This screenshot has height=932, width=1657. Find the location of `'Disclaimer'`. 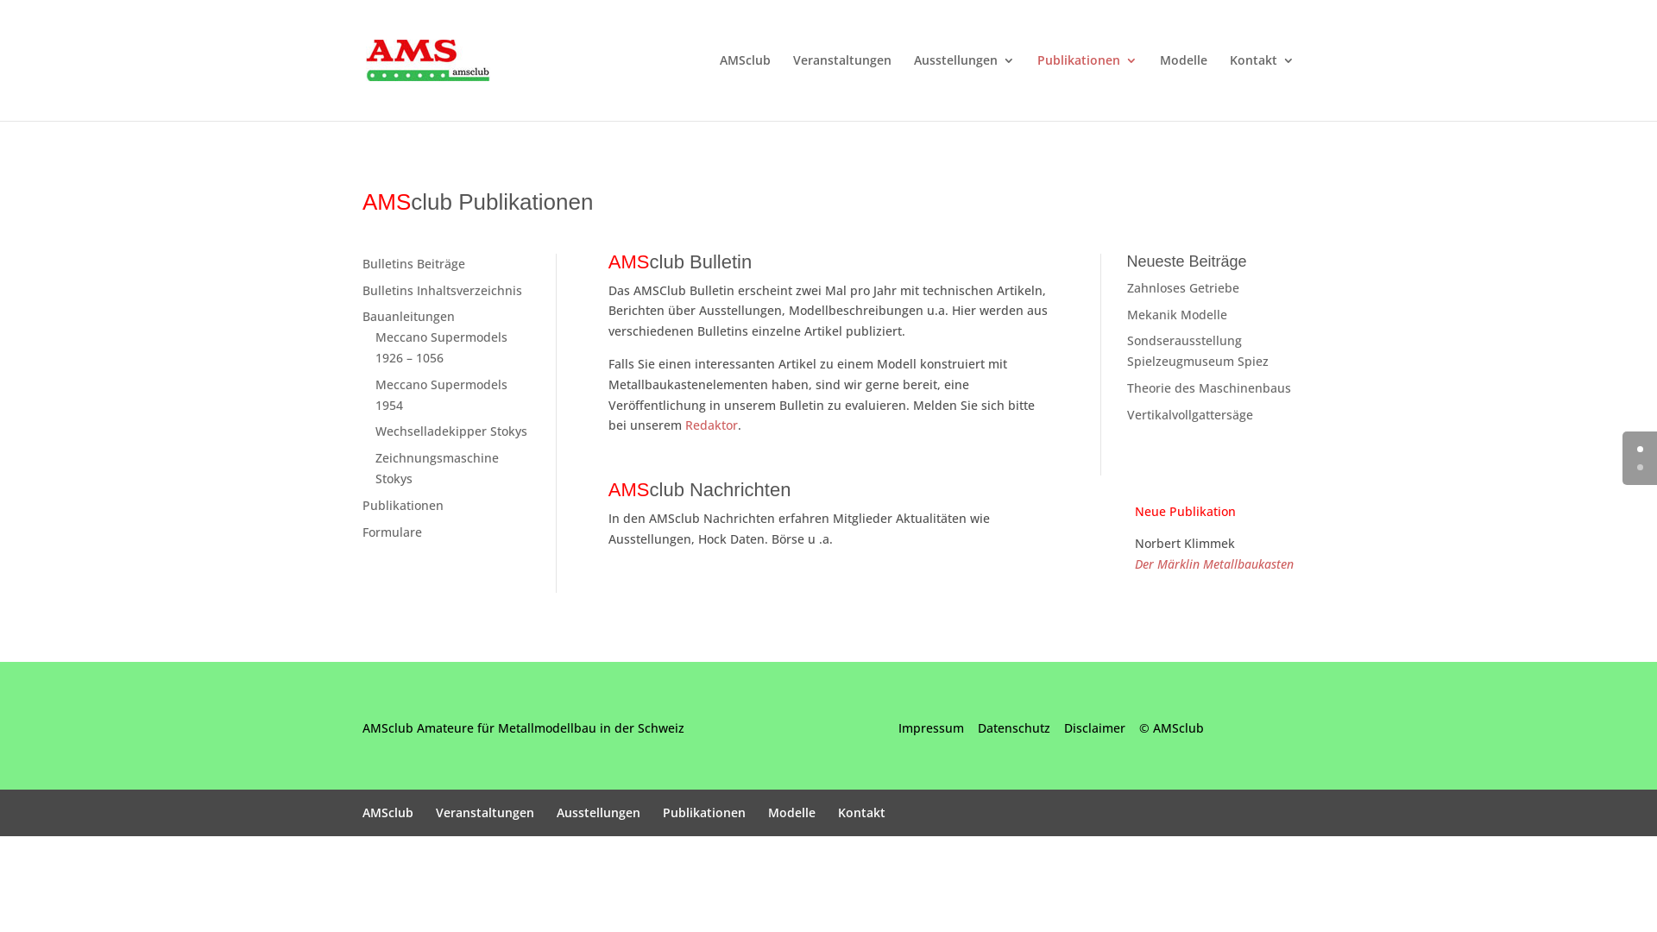

'Disclaimer' is located at coordinates (1093, 727).